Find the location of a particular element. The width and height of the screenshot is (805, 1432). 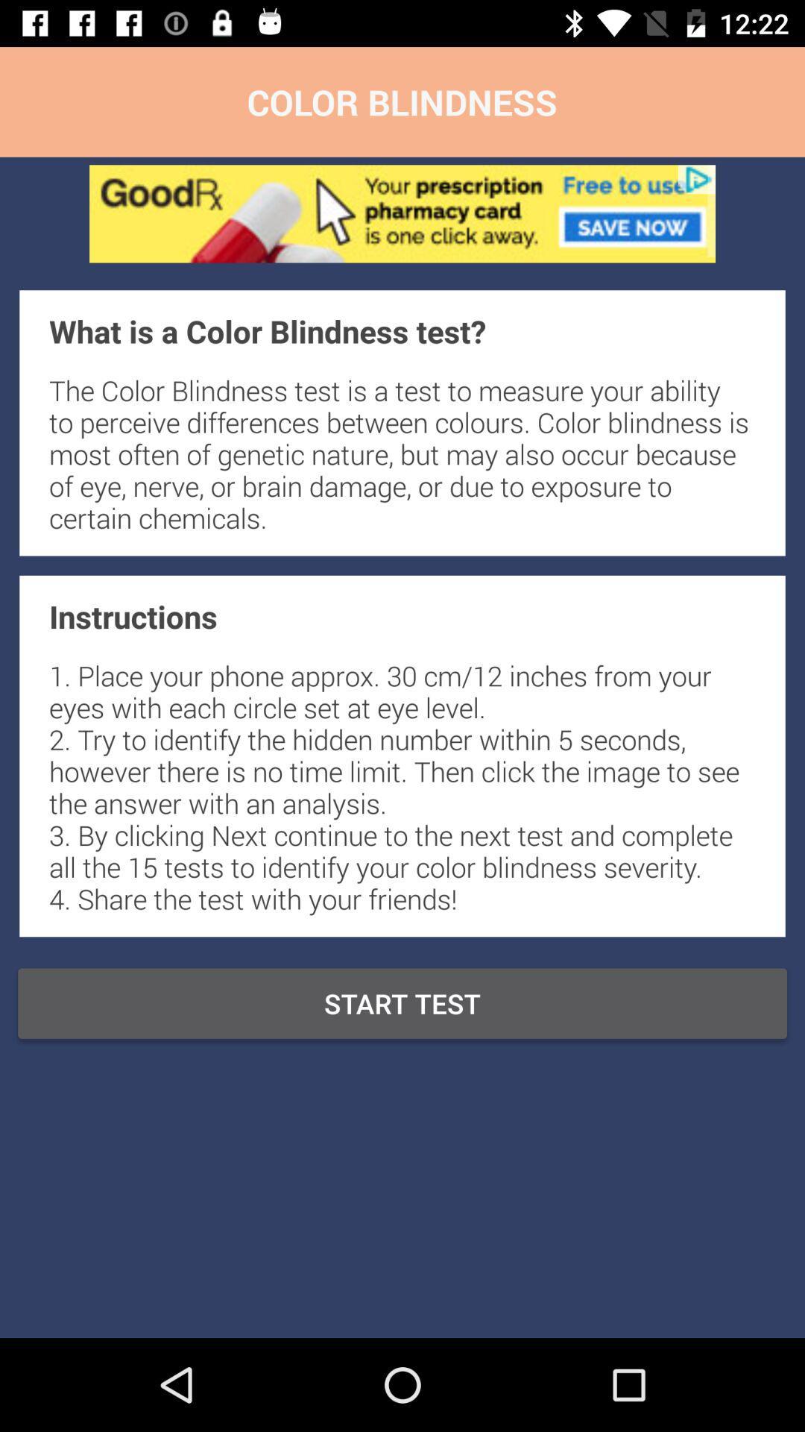

advertisement is located at coordinates (402, 213).